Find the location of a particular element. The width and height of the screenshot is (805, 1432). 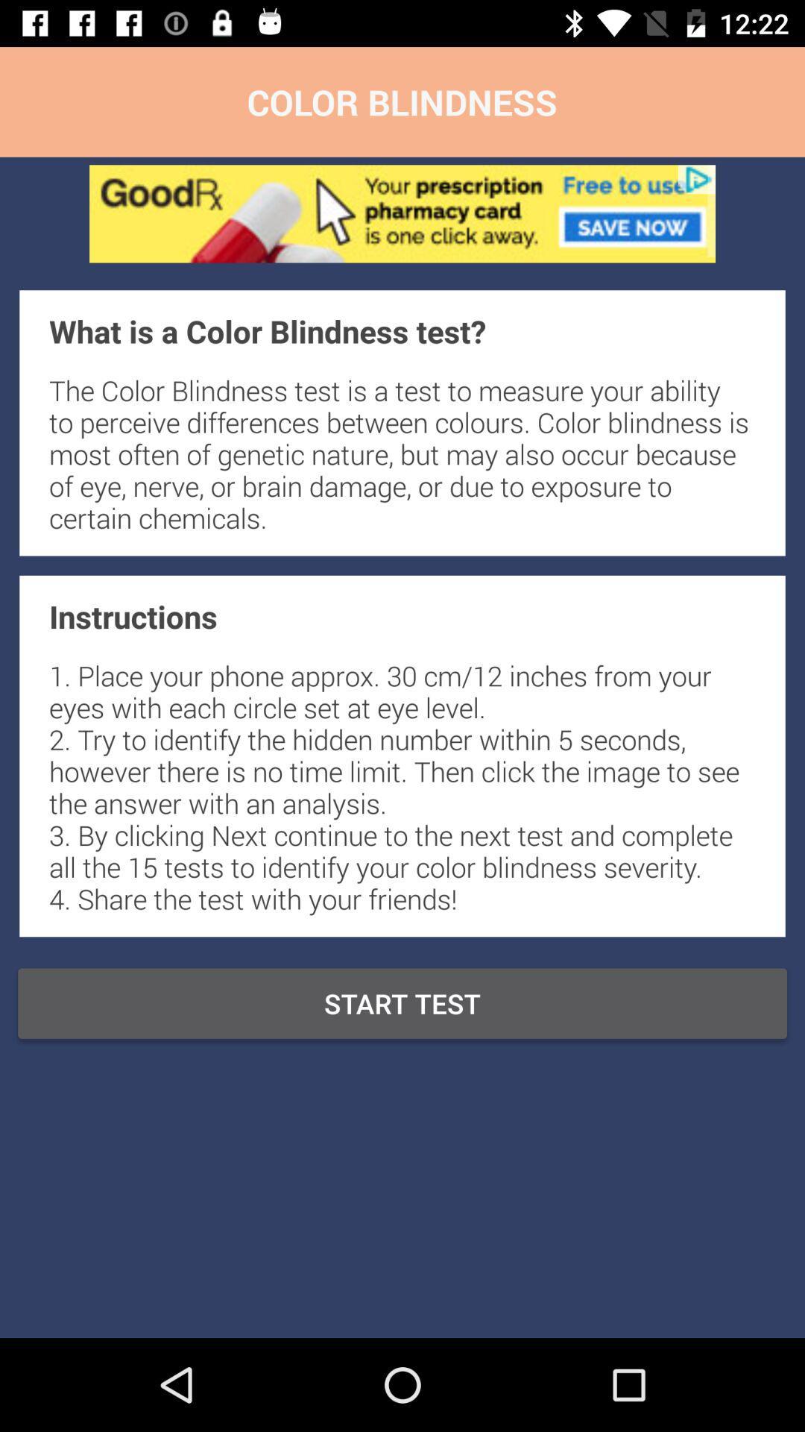

advertisement is located at coordinates (402, 213).